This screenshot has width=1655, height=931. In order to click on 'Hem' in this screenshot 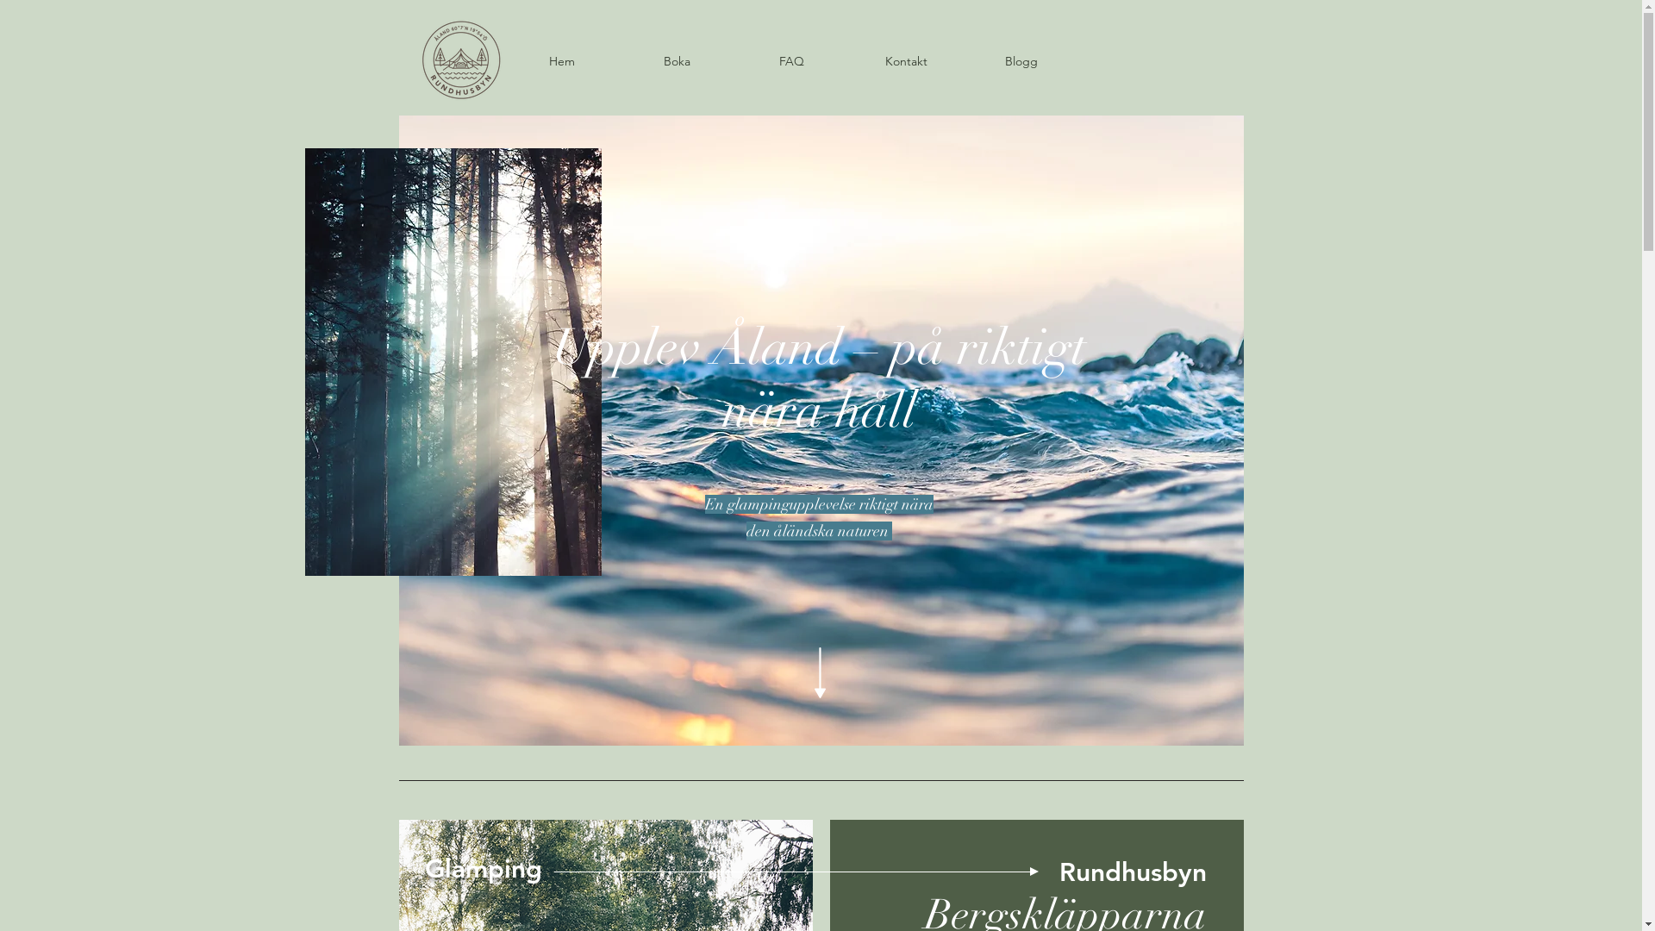, I will do `click(561, 59)`.